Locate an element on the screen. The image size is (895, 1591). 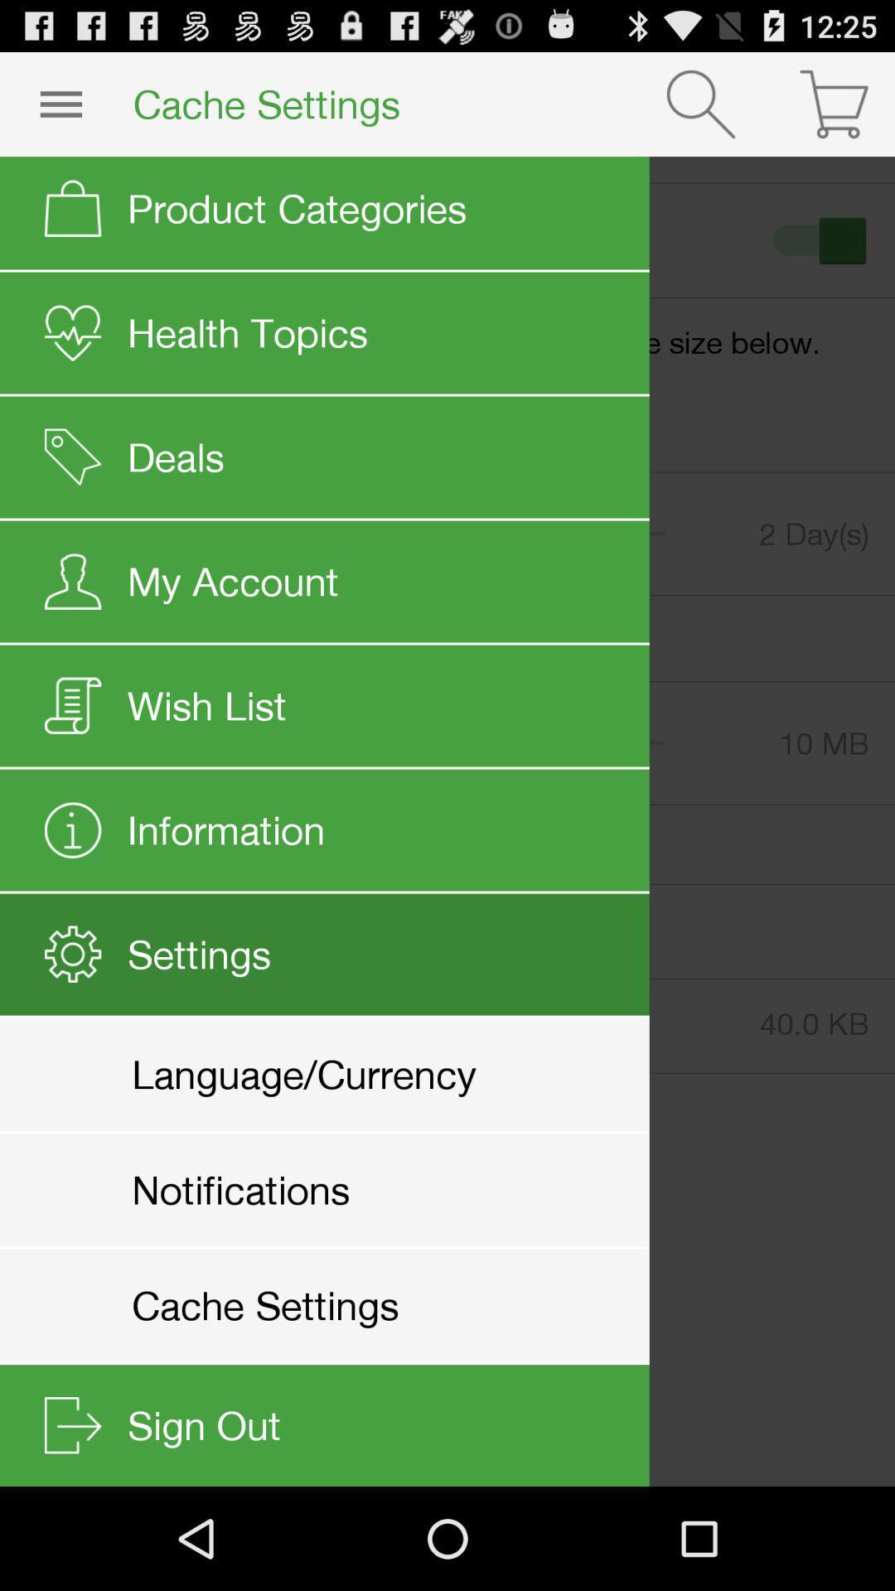
the menu icon is located at coordinates (60, 110).